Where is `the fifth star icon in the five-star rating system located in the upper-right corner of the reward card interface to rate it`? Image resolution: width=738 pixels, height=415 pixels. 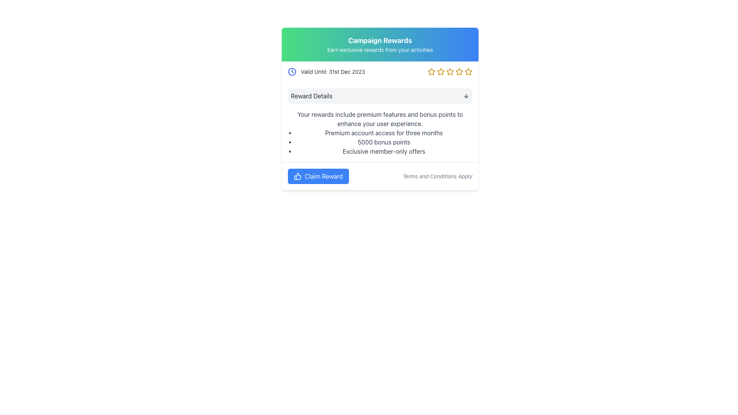
the fifth star icon in the five-star rating system located in the upper-right corner of the reward card interface to rate it is located at coordinates (468, 71).